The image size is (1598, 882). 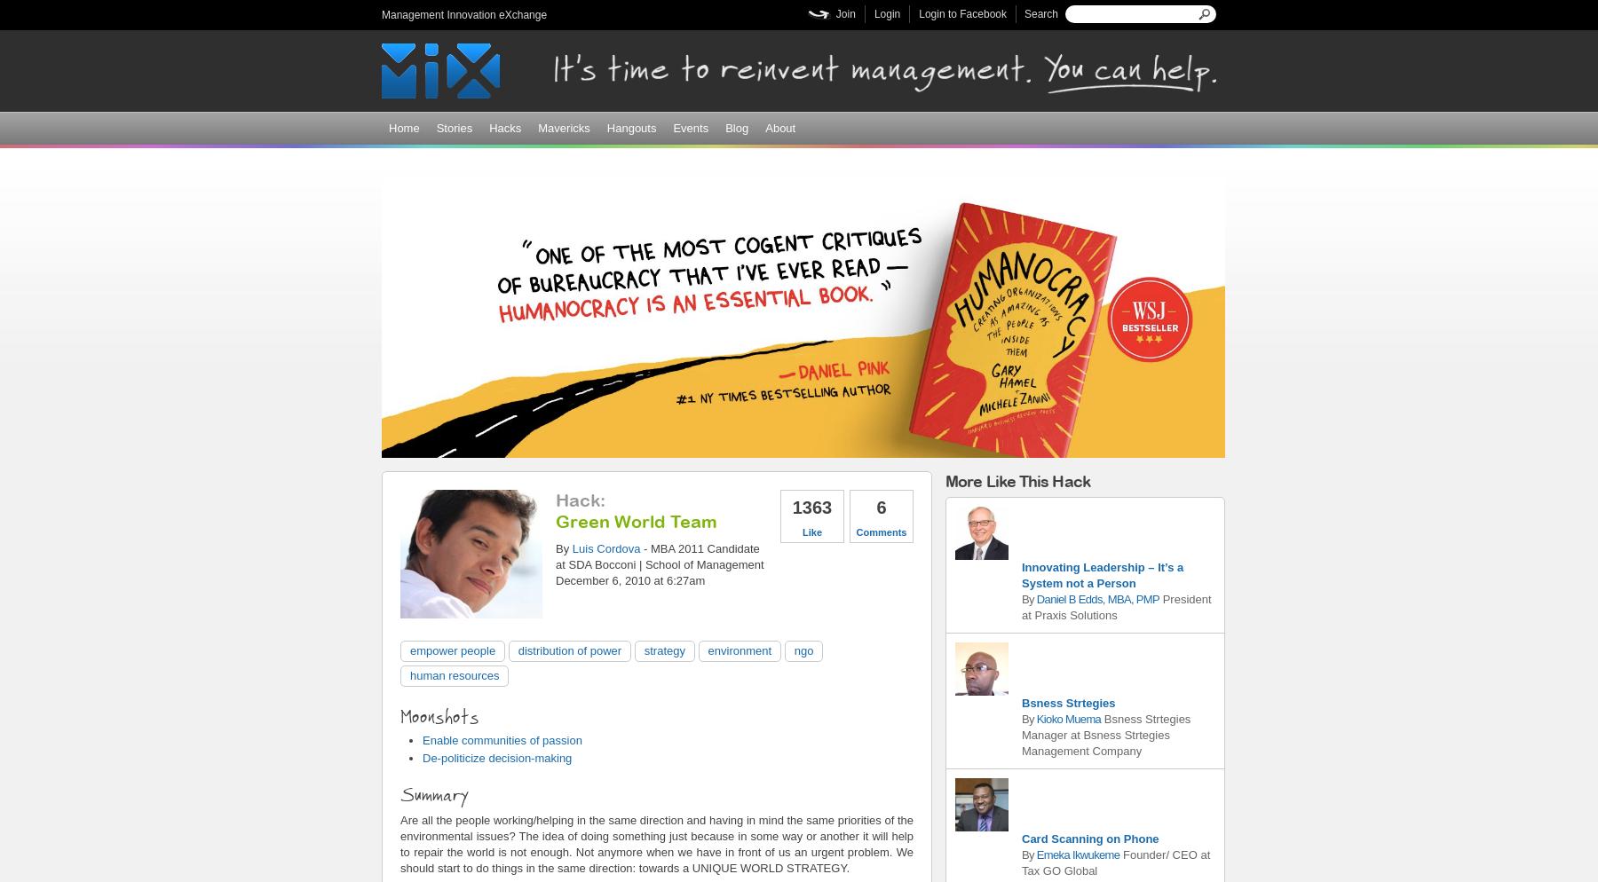 I want to click on 'Environment', so click(x=740, y=650).